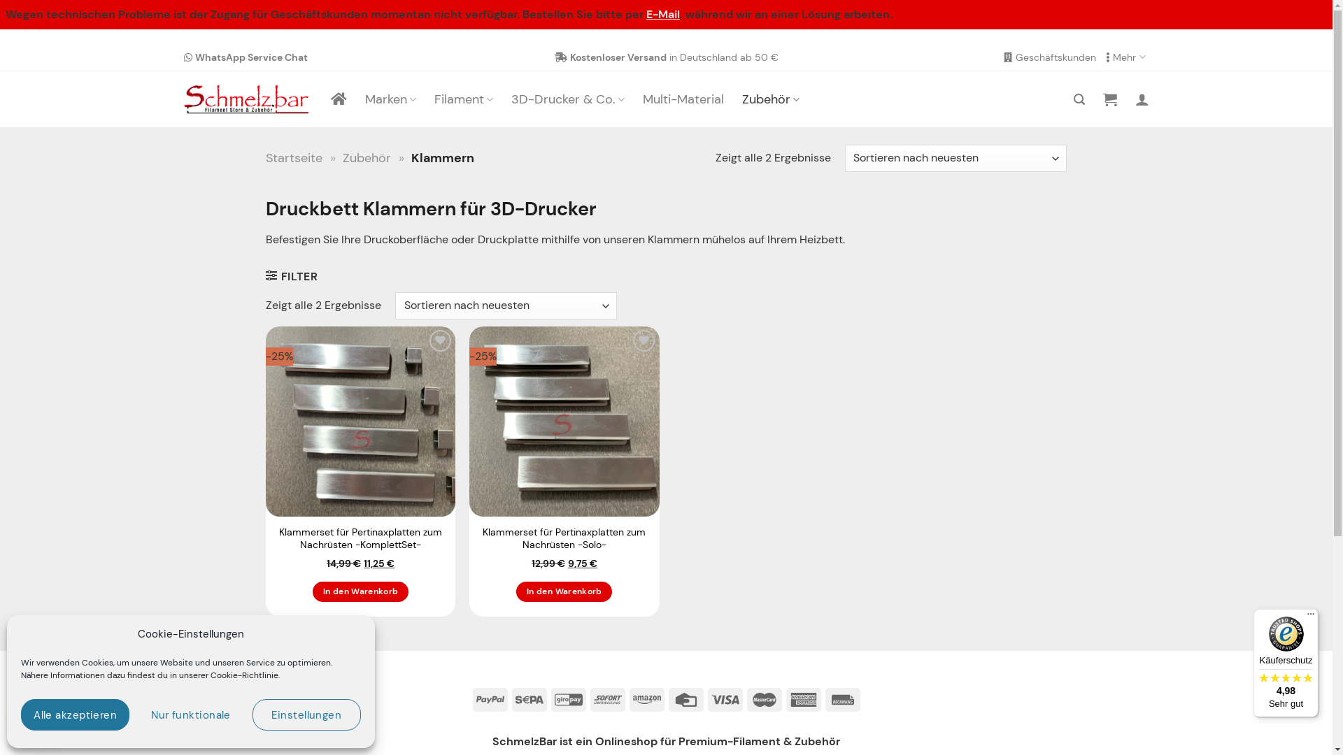 This screenshot has height=755, width=1343. I want to click on 'Mehr', so click(1104, 56).